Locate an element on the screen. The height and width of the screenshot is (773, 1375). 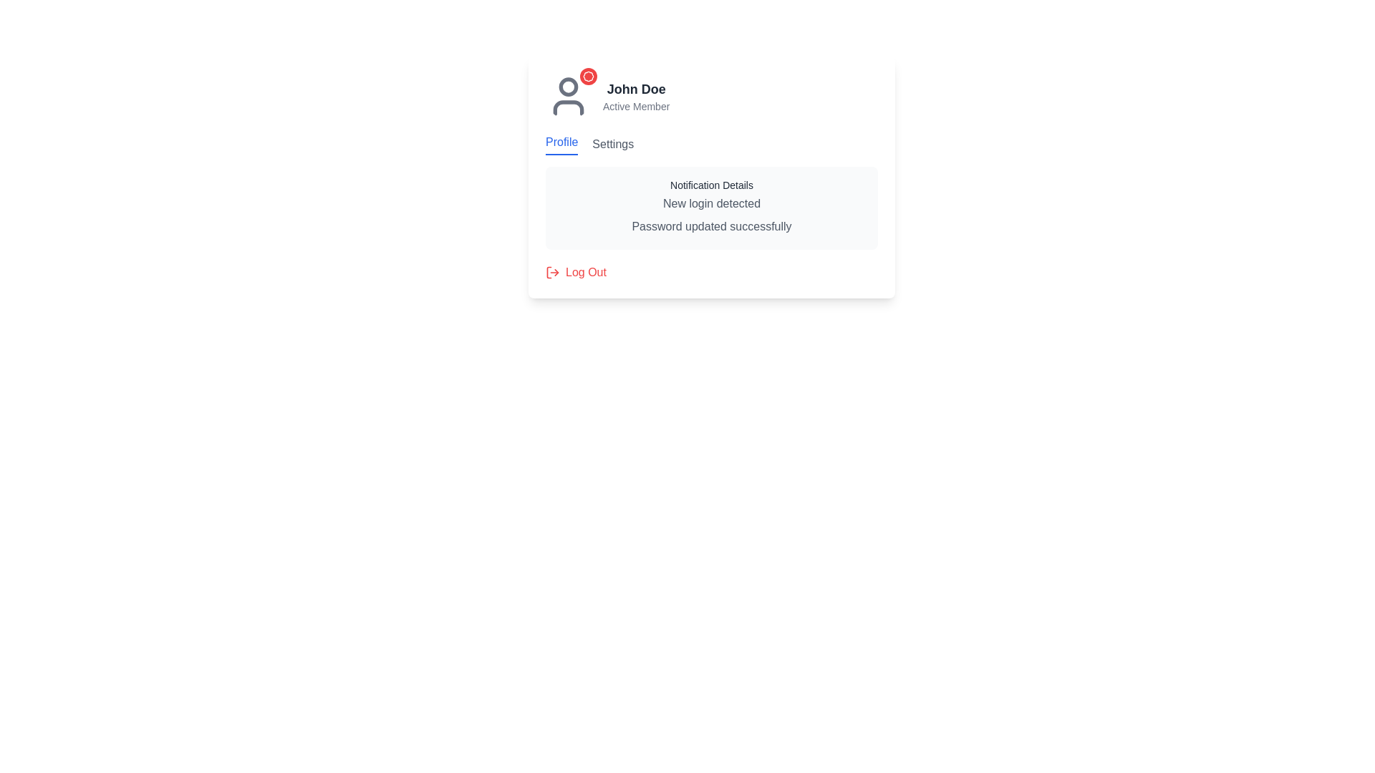
the leftmost interactive text label representing the 'Profile' section is located at coordinates (561, 144).